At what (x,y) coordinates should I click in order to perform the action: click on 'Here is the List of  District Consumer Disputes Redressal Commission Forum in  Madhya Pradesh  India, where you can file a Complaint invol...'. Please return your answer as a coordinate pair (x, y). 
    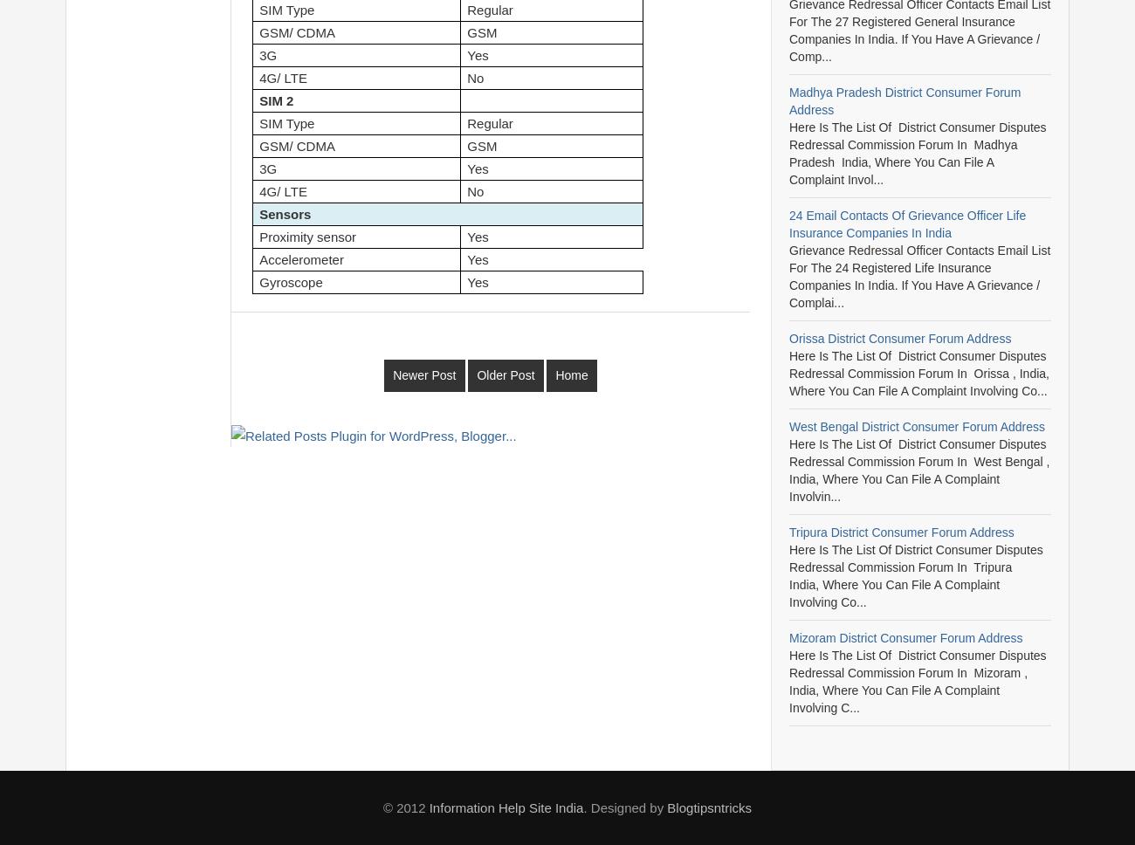
    Looking at the image, I should click on (918, 153).